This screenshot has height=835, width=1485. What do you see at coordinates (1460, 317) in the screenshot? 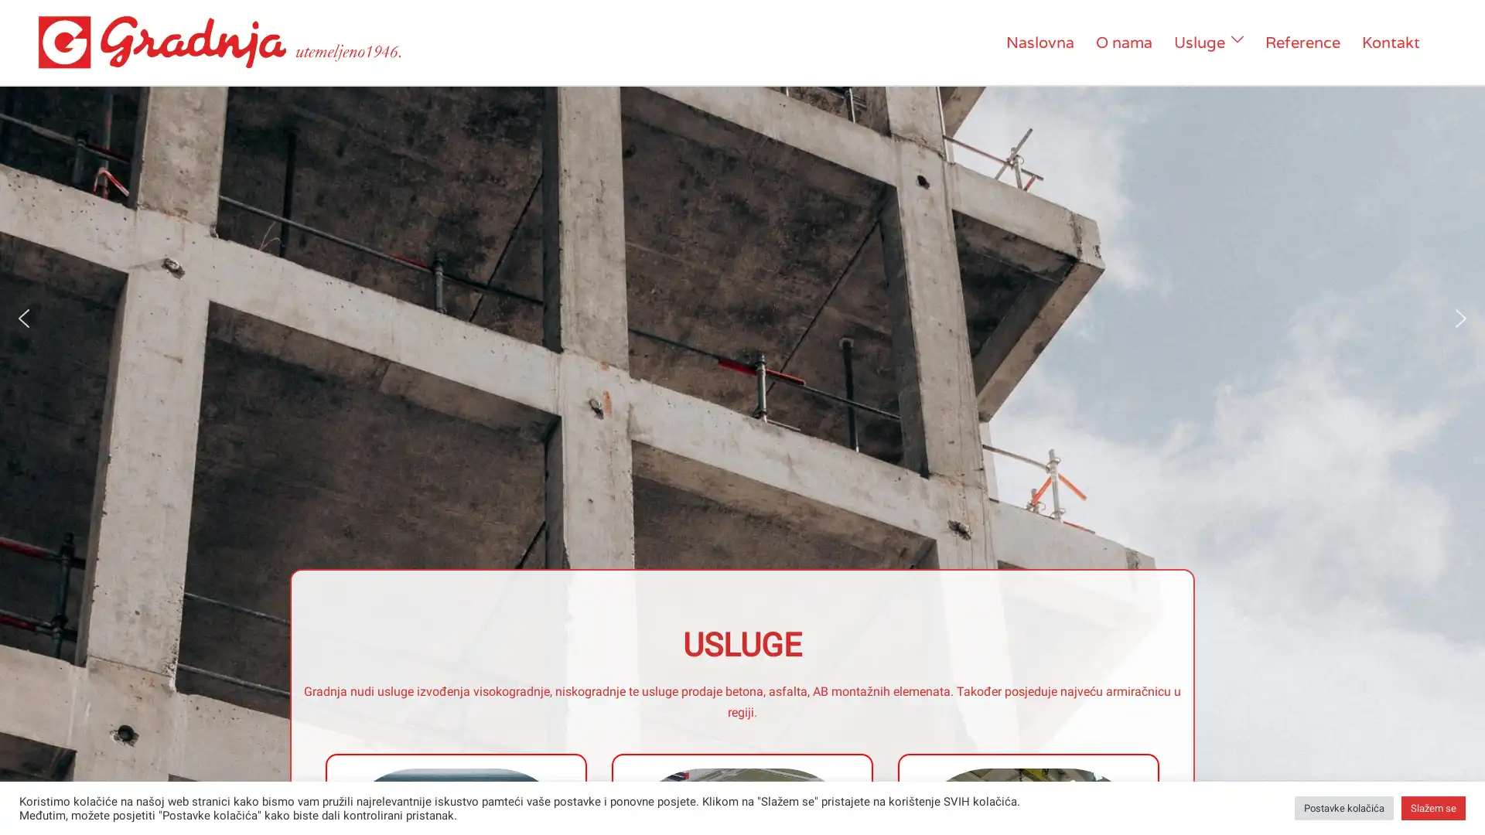
I see `next arrow` at bounding box center [1460, 317].